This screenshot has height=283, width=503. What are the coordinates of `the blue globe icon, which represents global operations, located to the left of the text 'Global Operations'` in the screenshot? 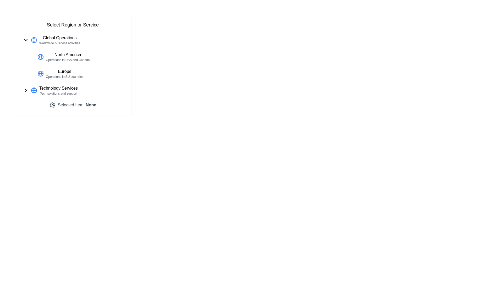 It's located at (34, 40).